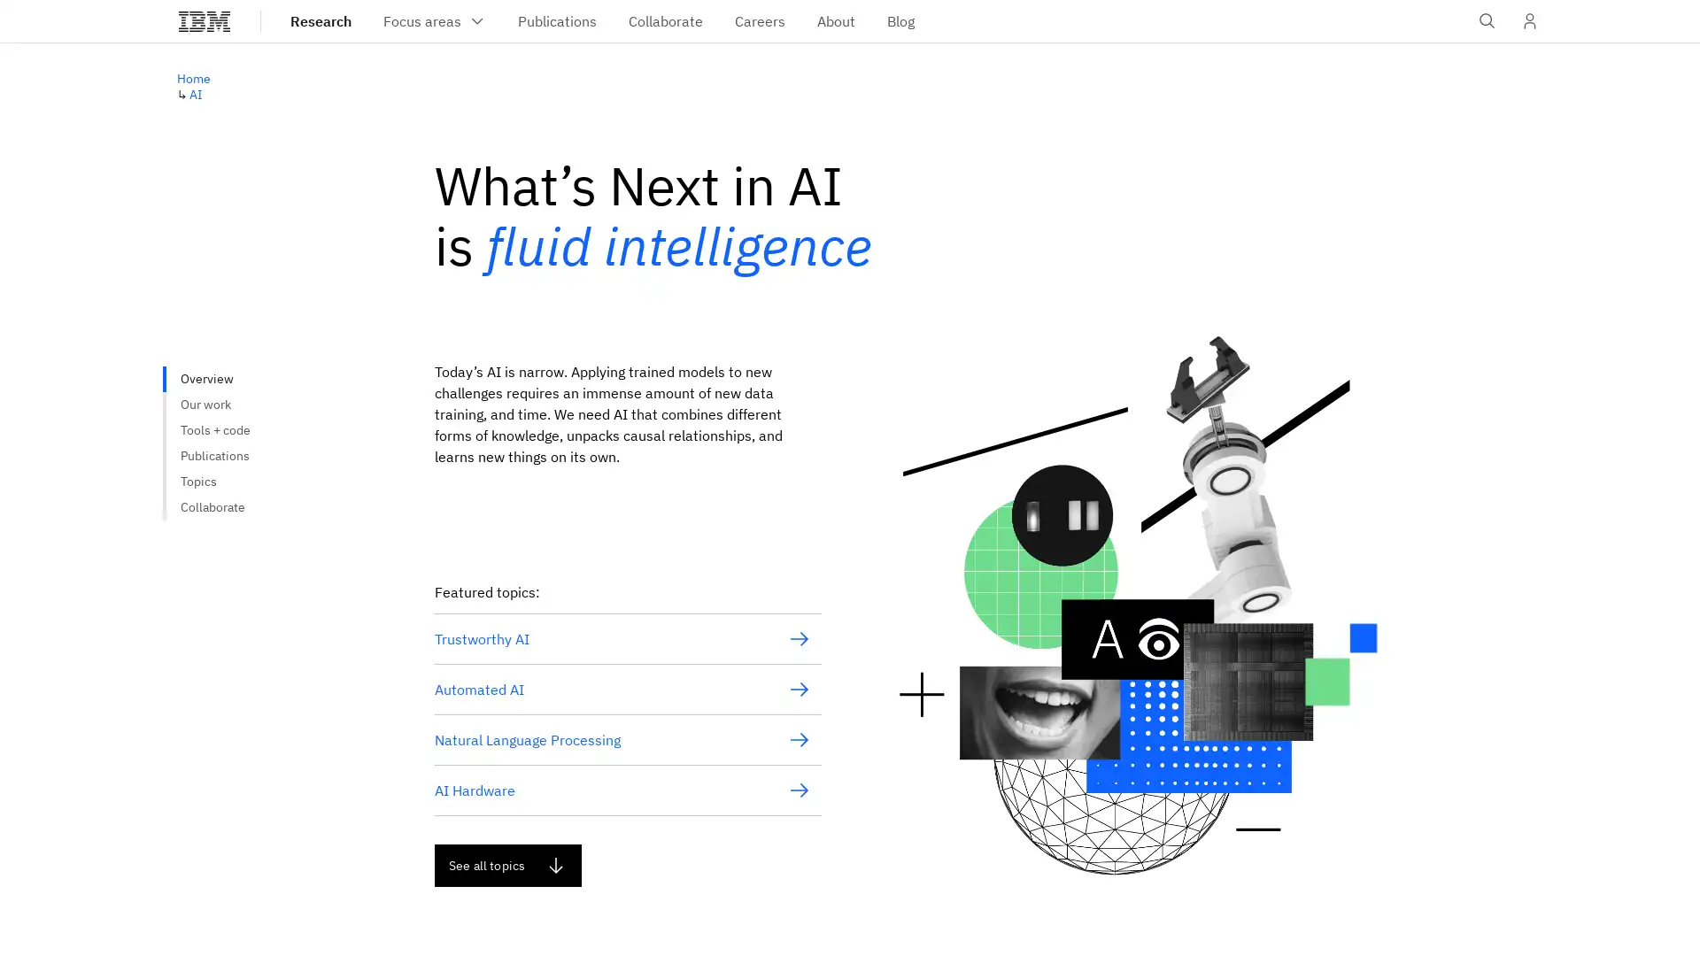 This screenshot has width=1700, height=956. I want to click on Do not sell my personal information, so click(1557, 898).